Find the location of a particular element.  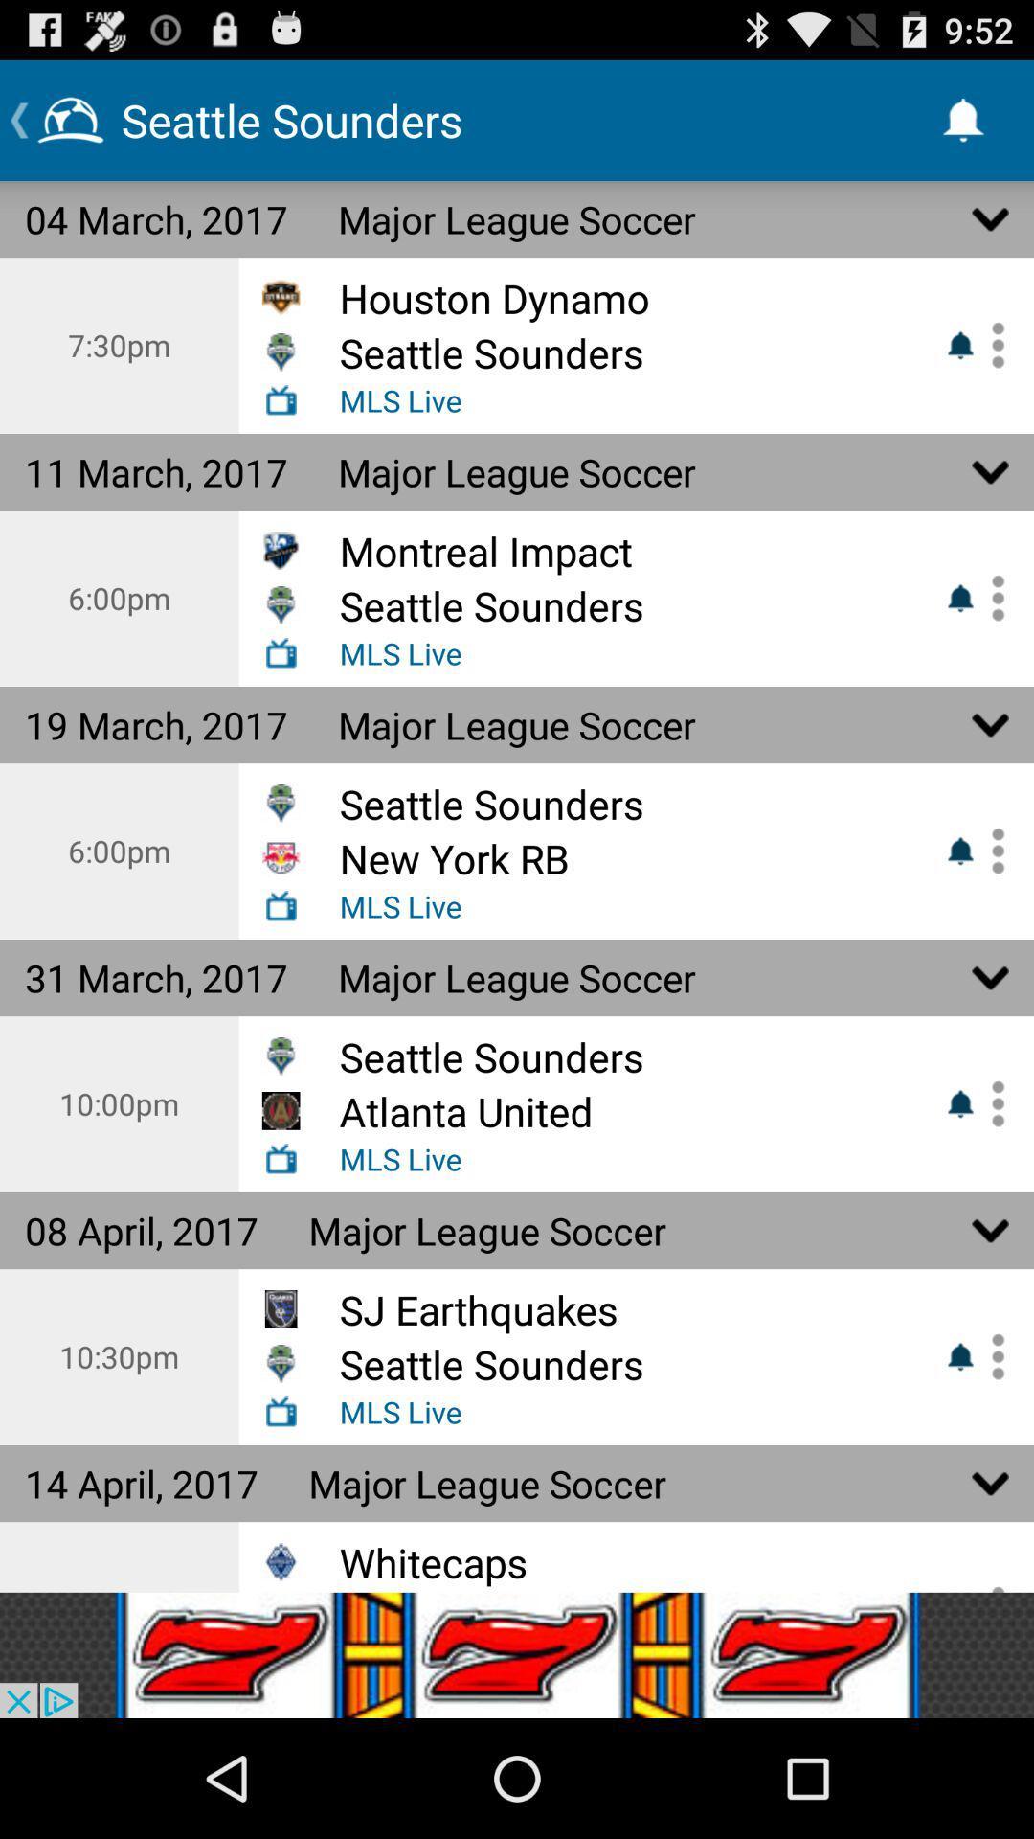

settings bor is located at coordinates (991, 345).